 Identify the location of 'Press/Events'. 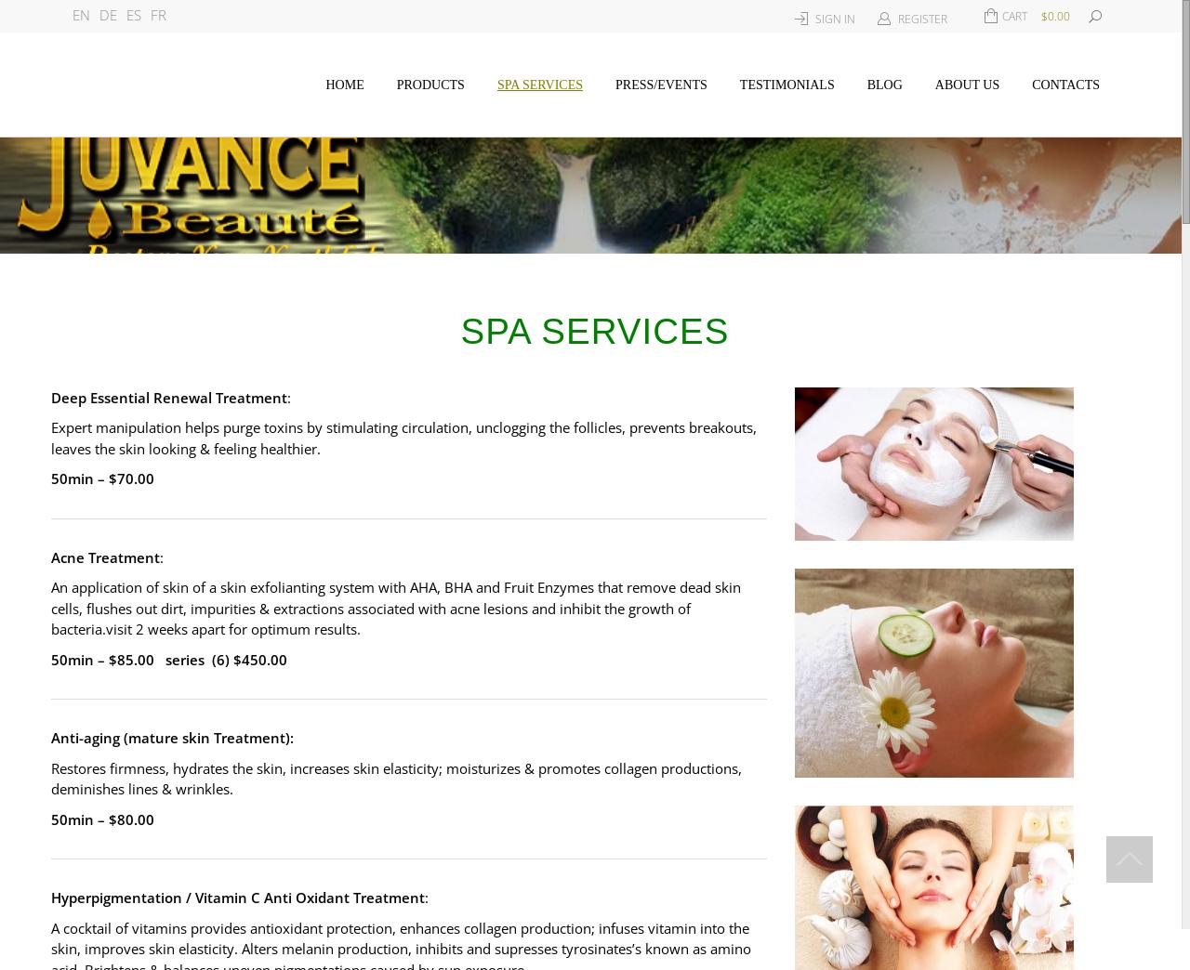
(661, 85).